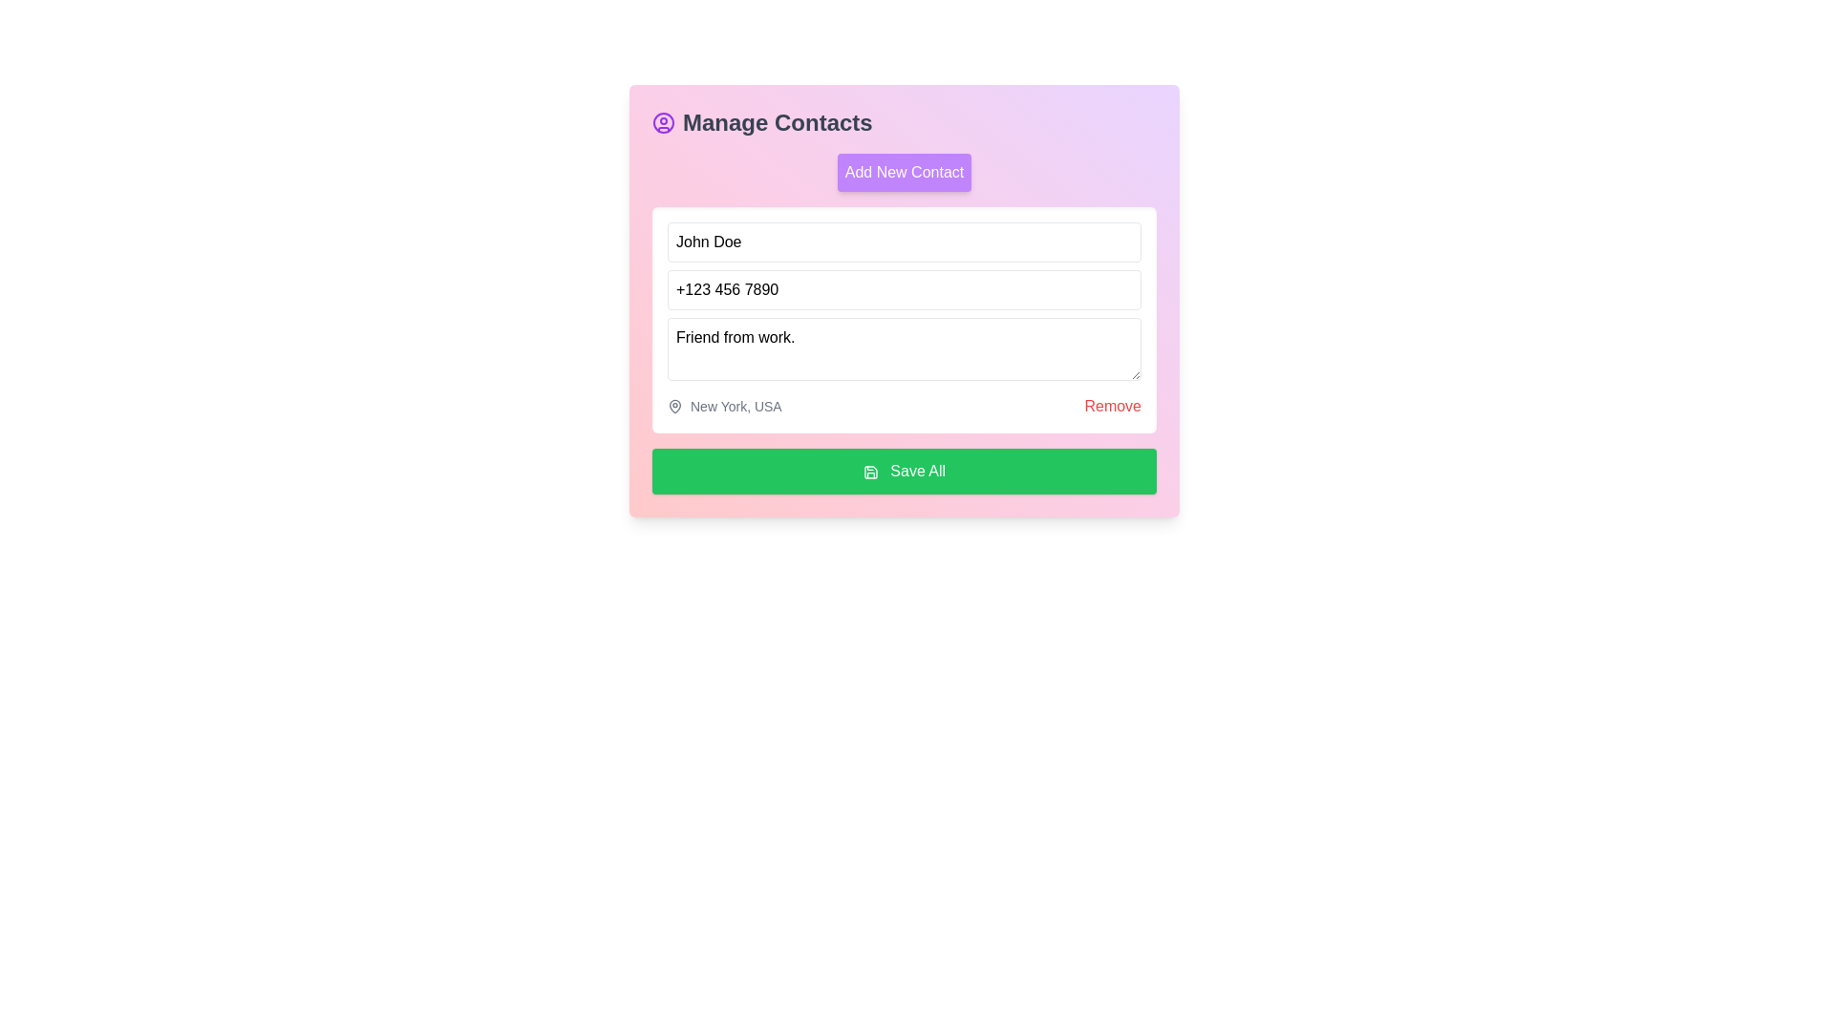 Image resolution: width=1834 pixels, height=1031 pixels. Describe the element at coordinates (903, 471) in the screenshot. I see `the 'Save' button located at the bottom of the 'Manage Contacts' card` at that location.